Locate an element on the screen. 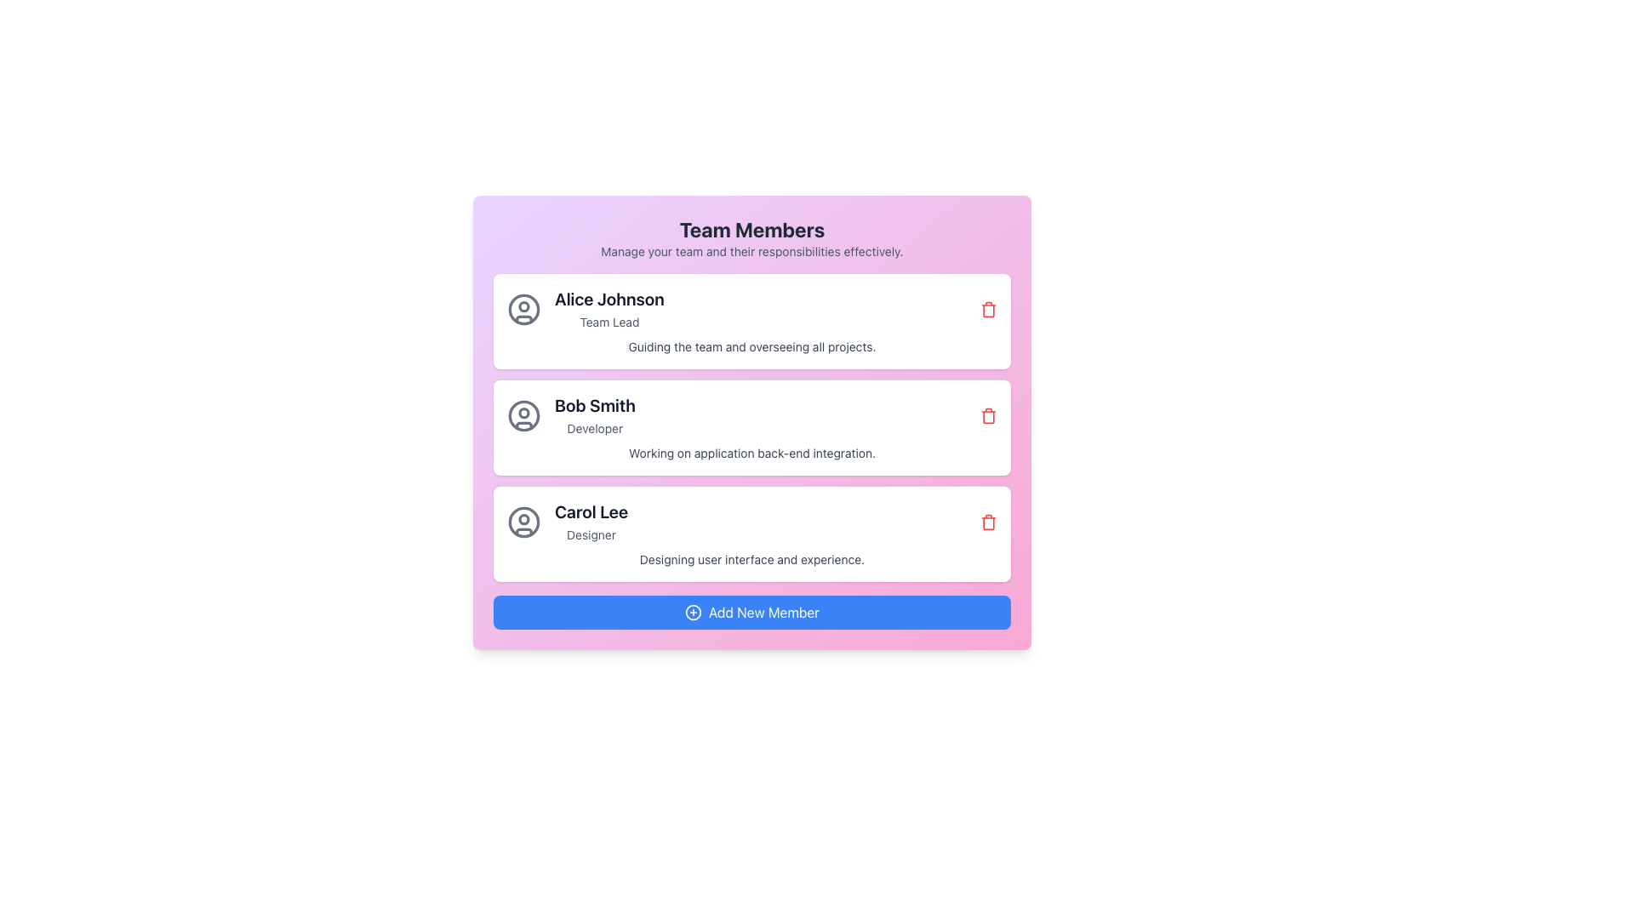 The width and height of the screenshot is (1634, 919). the text label indicating the role or title of the individual directly below 'Alice Johnson' is located at coordinates (609, 322).